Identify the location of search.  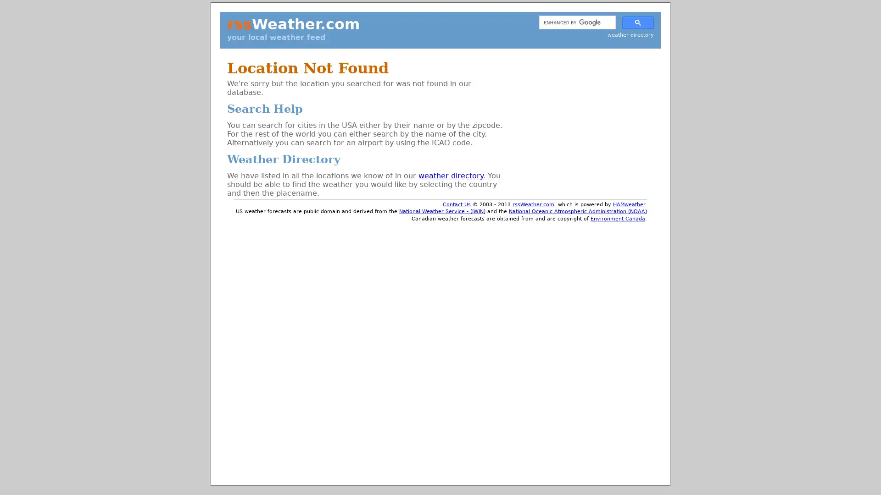
(637, 22).